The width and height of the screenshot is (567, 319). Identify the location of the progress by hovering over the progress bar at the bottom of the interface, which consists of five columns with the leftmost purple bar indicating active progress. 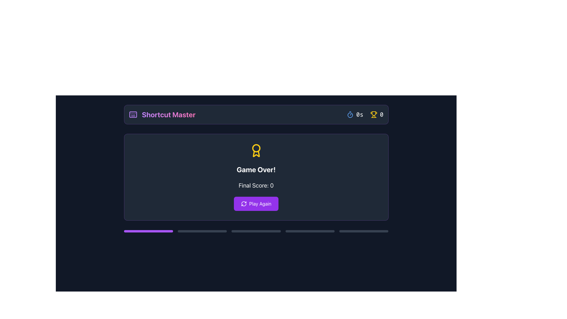
(256, 231).